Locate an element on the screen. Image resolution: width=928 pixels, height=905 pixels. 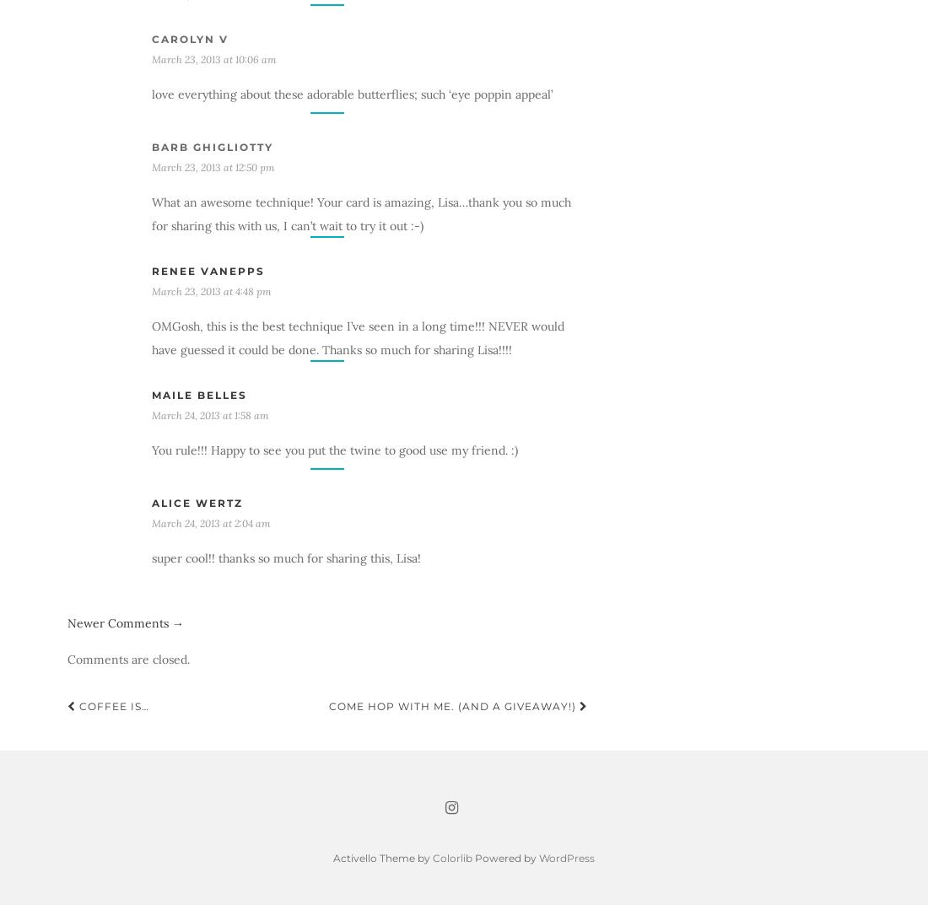
'super cool!! thanks so much for sharing this, Lisa!' is located at coordinates (150, 557).